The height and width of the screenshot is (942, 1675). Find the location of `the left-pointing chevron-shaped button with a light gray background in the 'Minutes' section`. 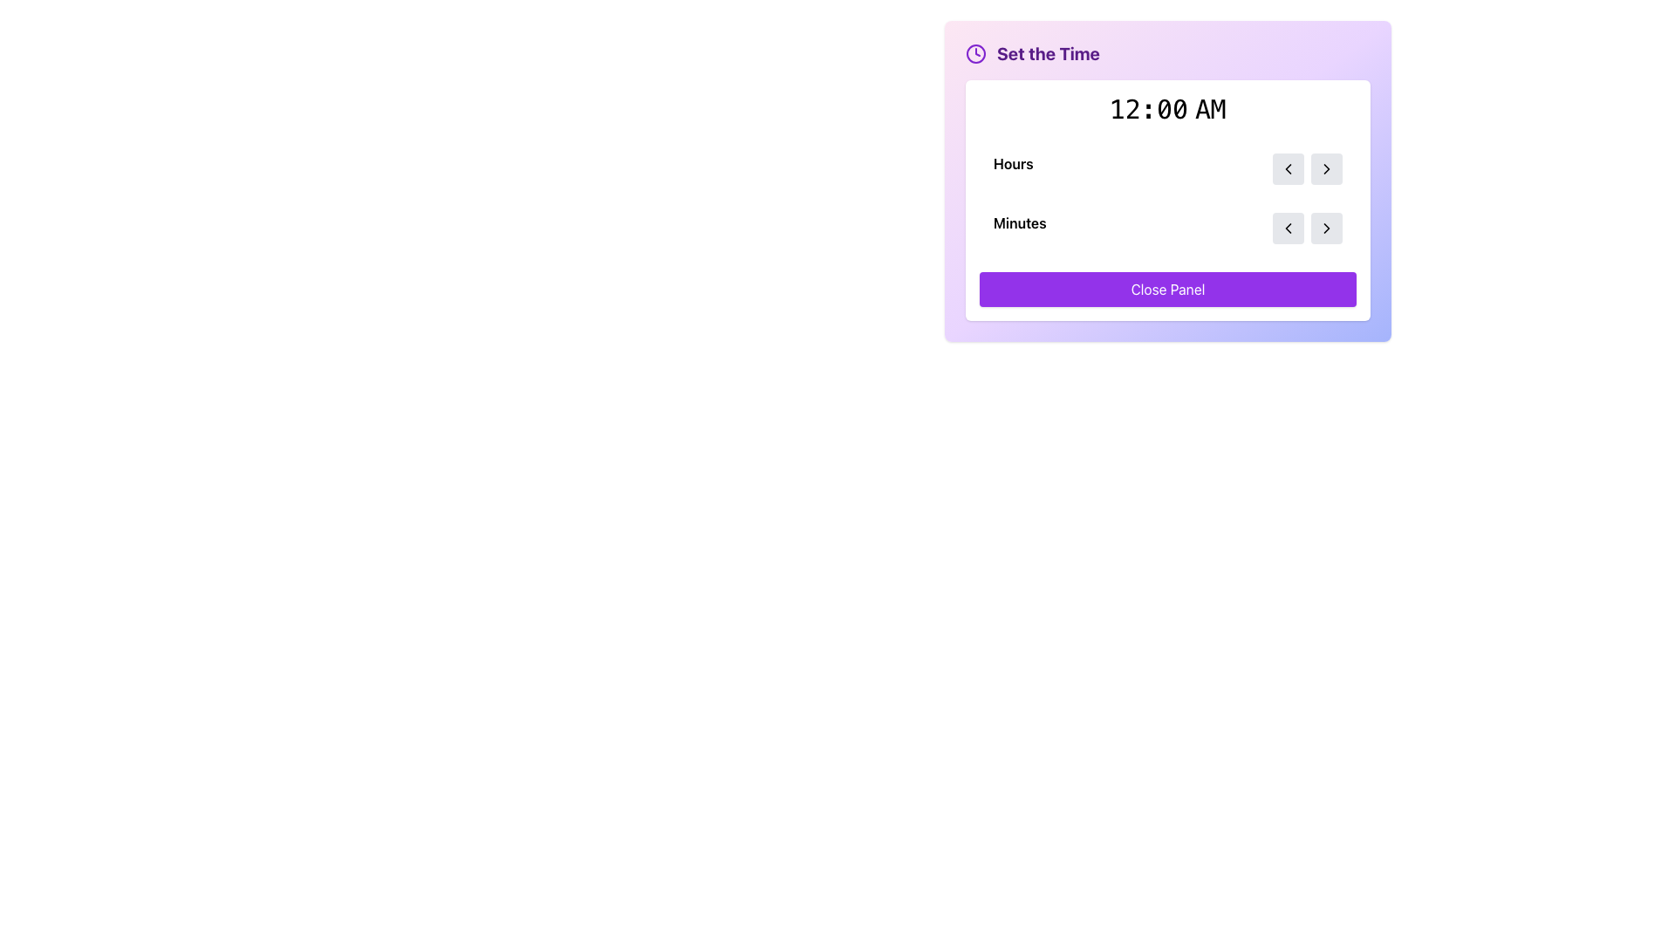

the left-pointing chevron-shaped button with a light gray background in the 'Minutes' section is located at coordinates (1289, 228).